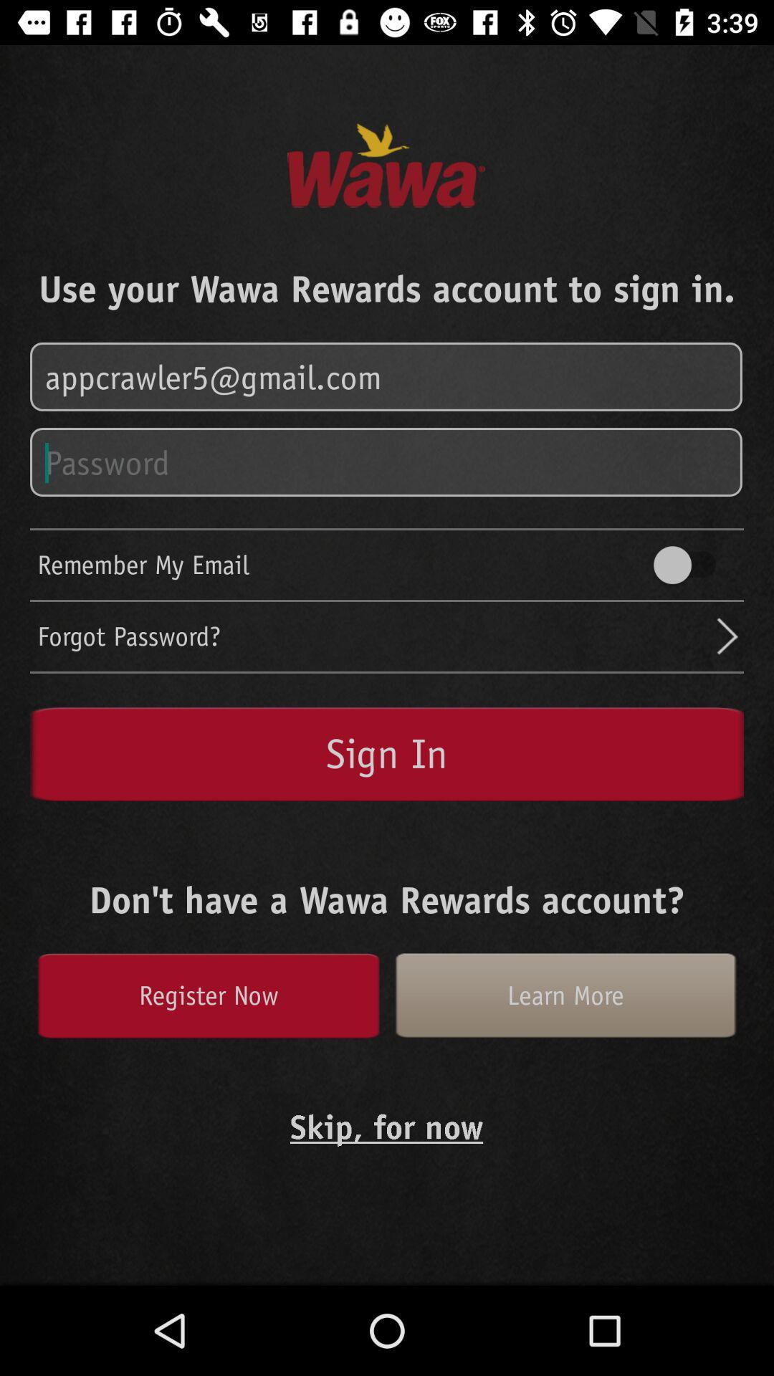  I want to click on the item below the don t have icon, so click(208, 995).